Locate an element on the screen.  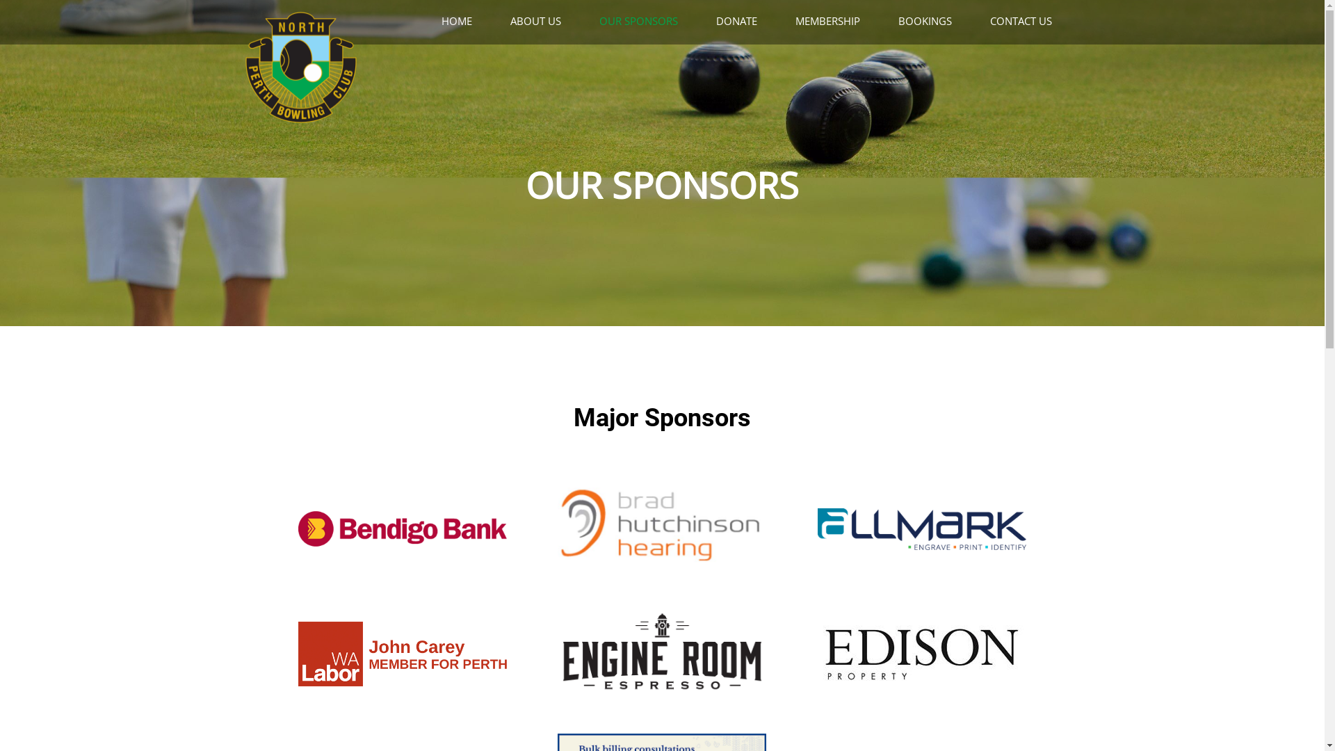
'ABOUT US' is located at coordinates (543, 21).